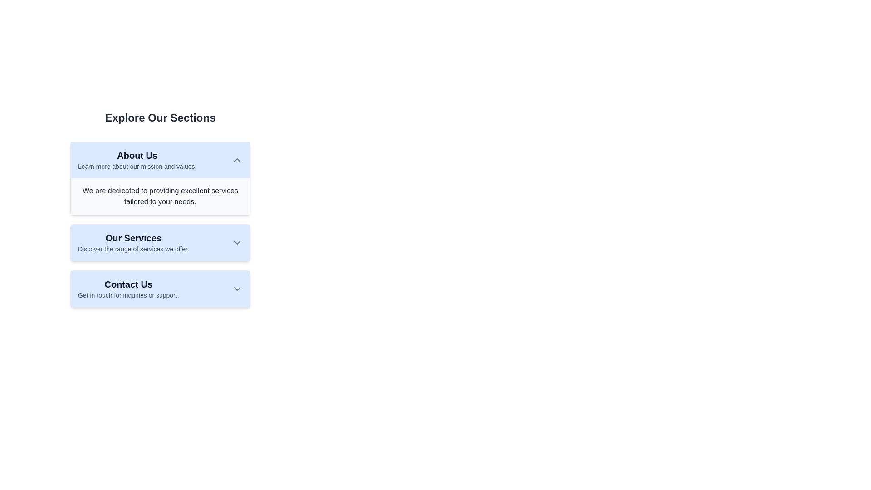 This screenshot has height=490, width=871. What do you see at coordinates (160, 289) in the screenshot?
I see `the section header that expands` at bounding box center [160, 289].